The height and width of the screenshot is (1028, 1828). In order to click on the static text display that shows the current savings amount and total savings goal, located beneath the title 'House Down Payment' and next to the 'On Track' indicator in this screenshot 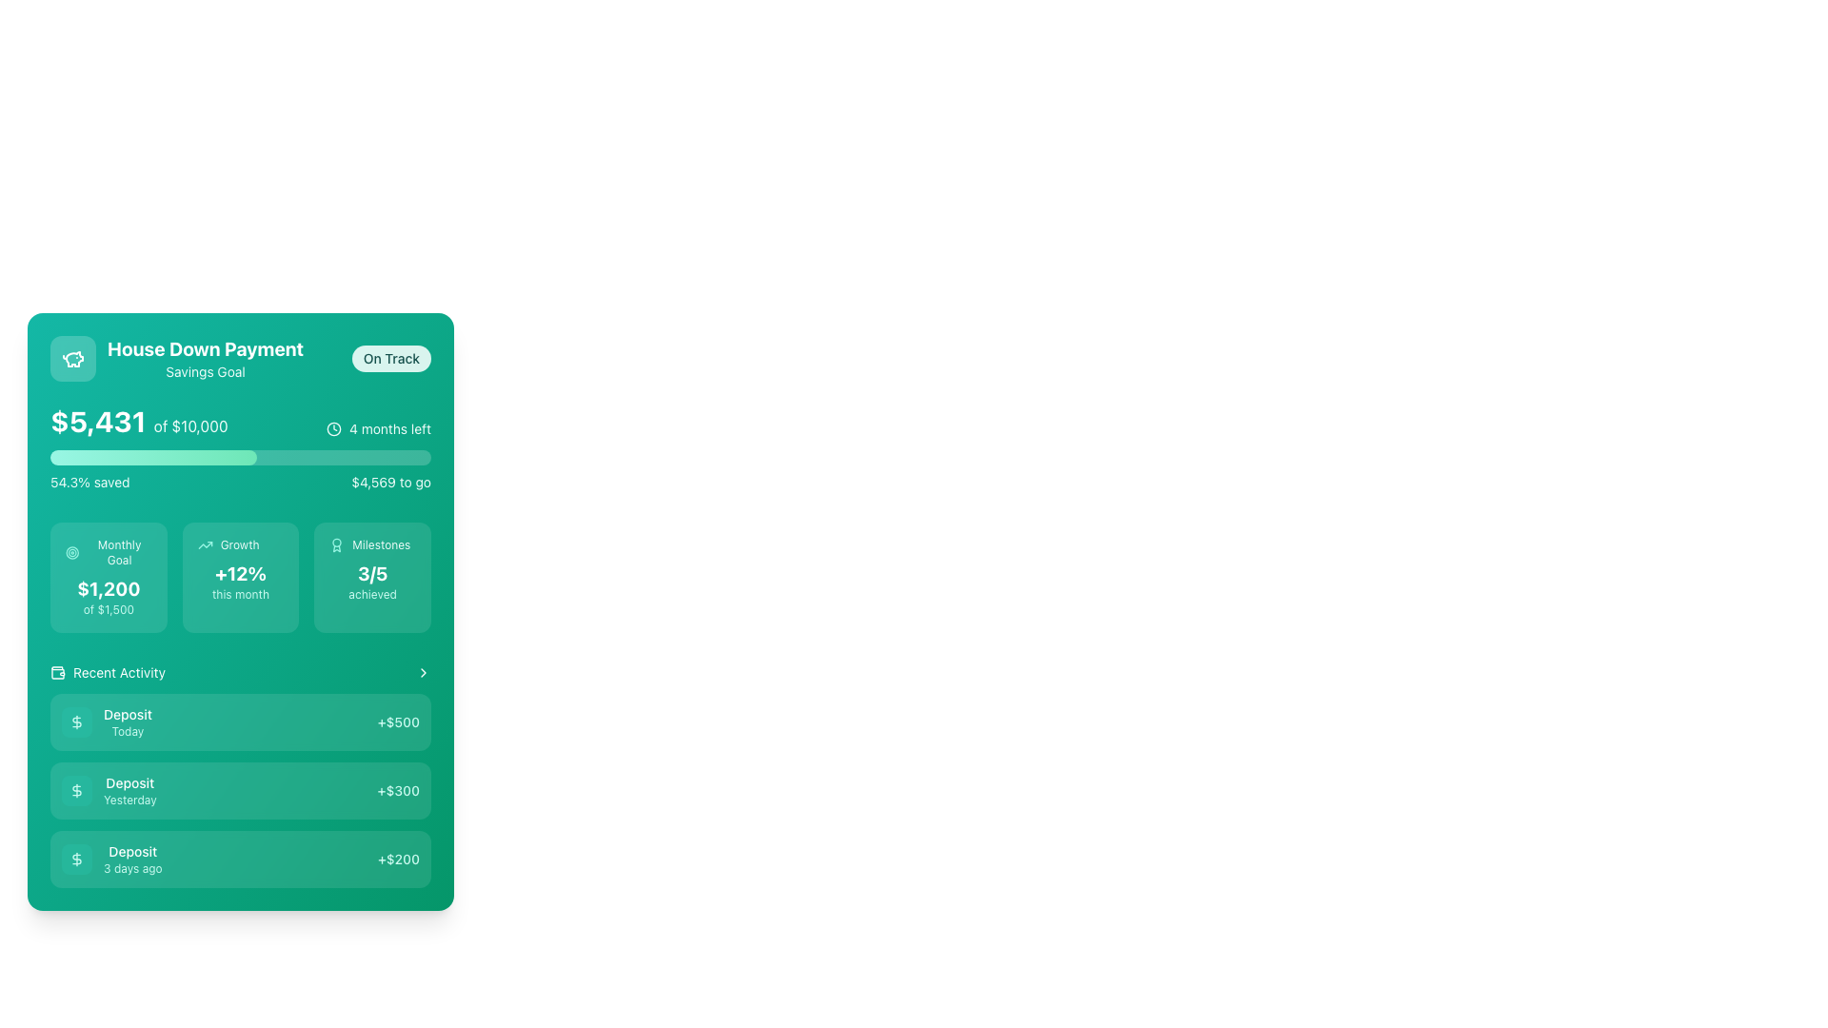, I will do `click(138, 421)`.